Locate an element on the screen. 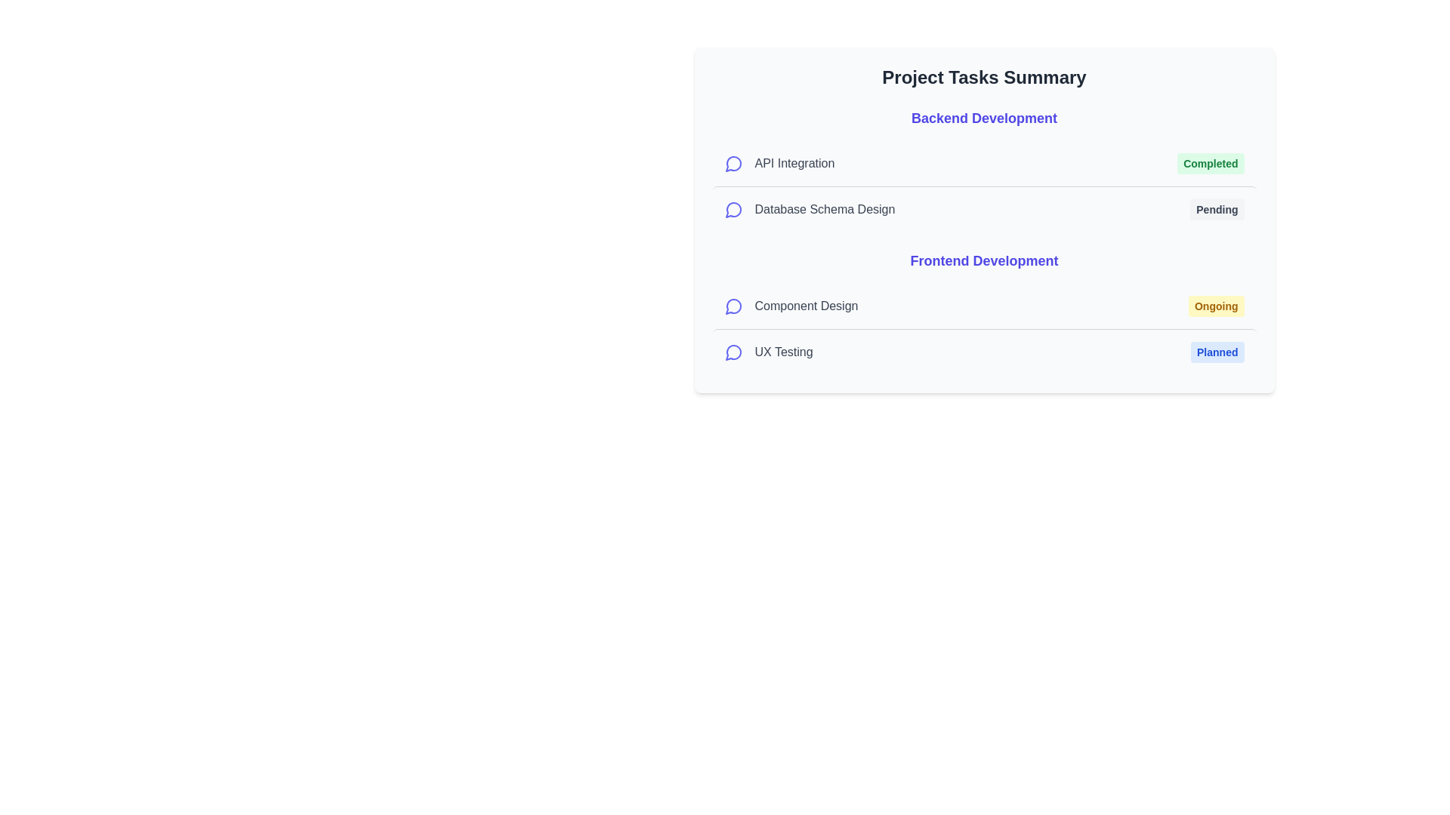 Image resolution: width=1450 pixels, height=815 pixels. the 'Ongoing' status label, which is a pill-shaped label with a yellow background and brown bold text, located in the right half of the 'Project Tasks Summary' interface, to possibly open a detailed view of the task status is located at coordinates (1216, 306).